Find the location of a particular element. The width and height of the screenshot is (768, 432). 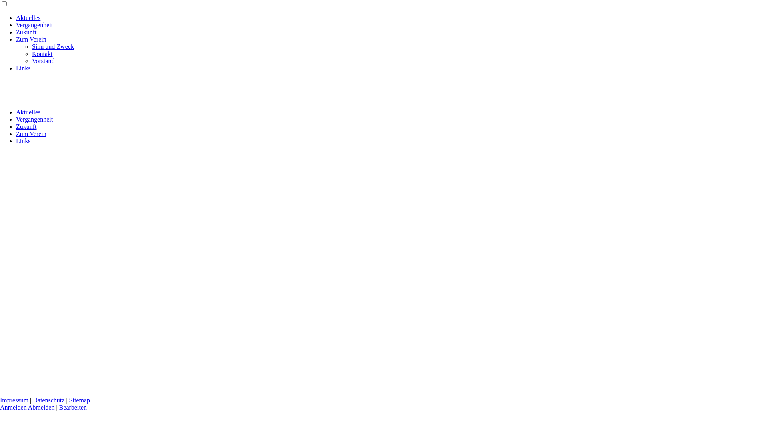

'Impressum' is located at coordinates (14, 400).